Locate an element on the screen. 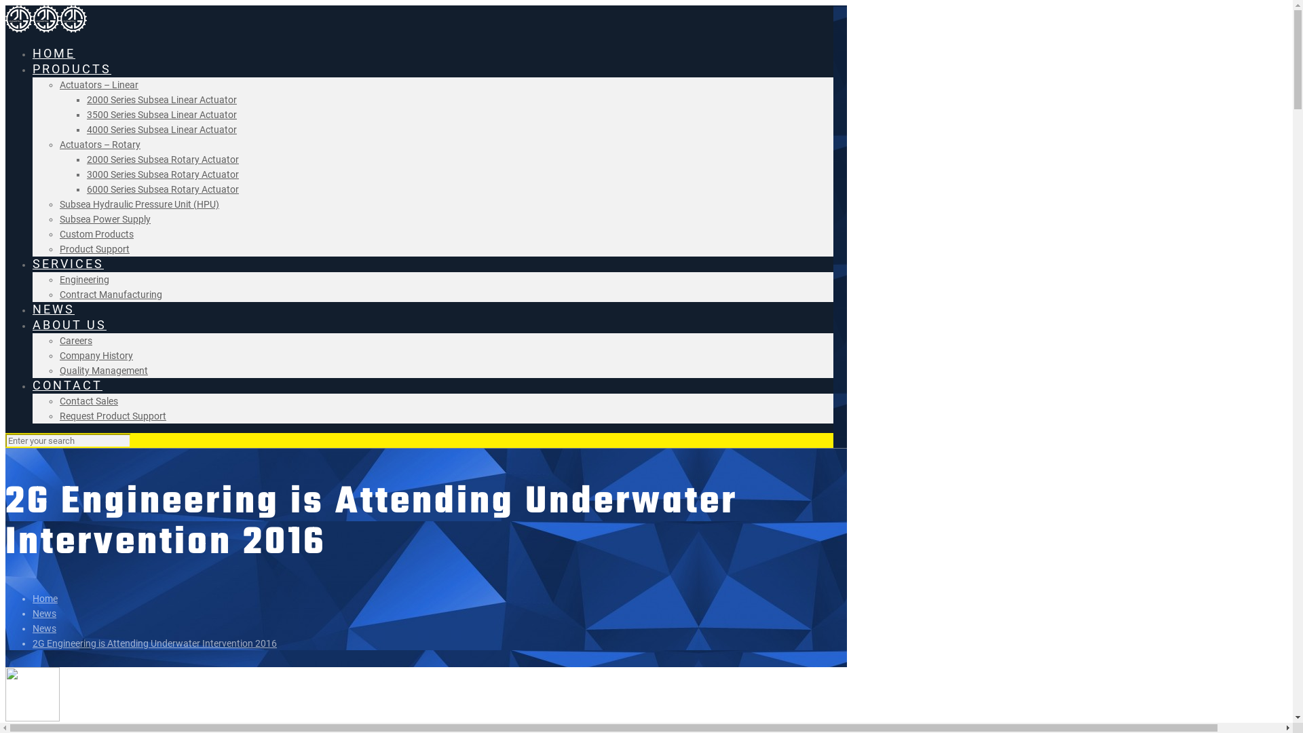 The width and height of the screenshot is (1303, 733). 'CONTACT' is located at coordinates (67, 385).